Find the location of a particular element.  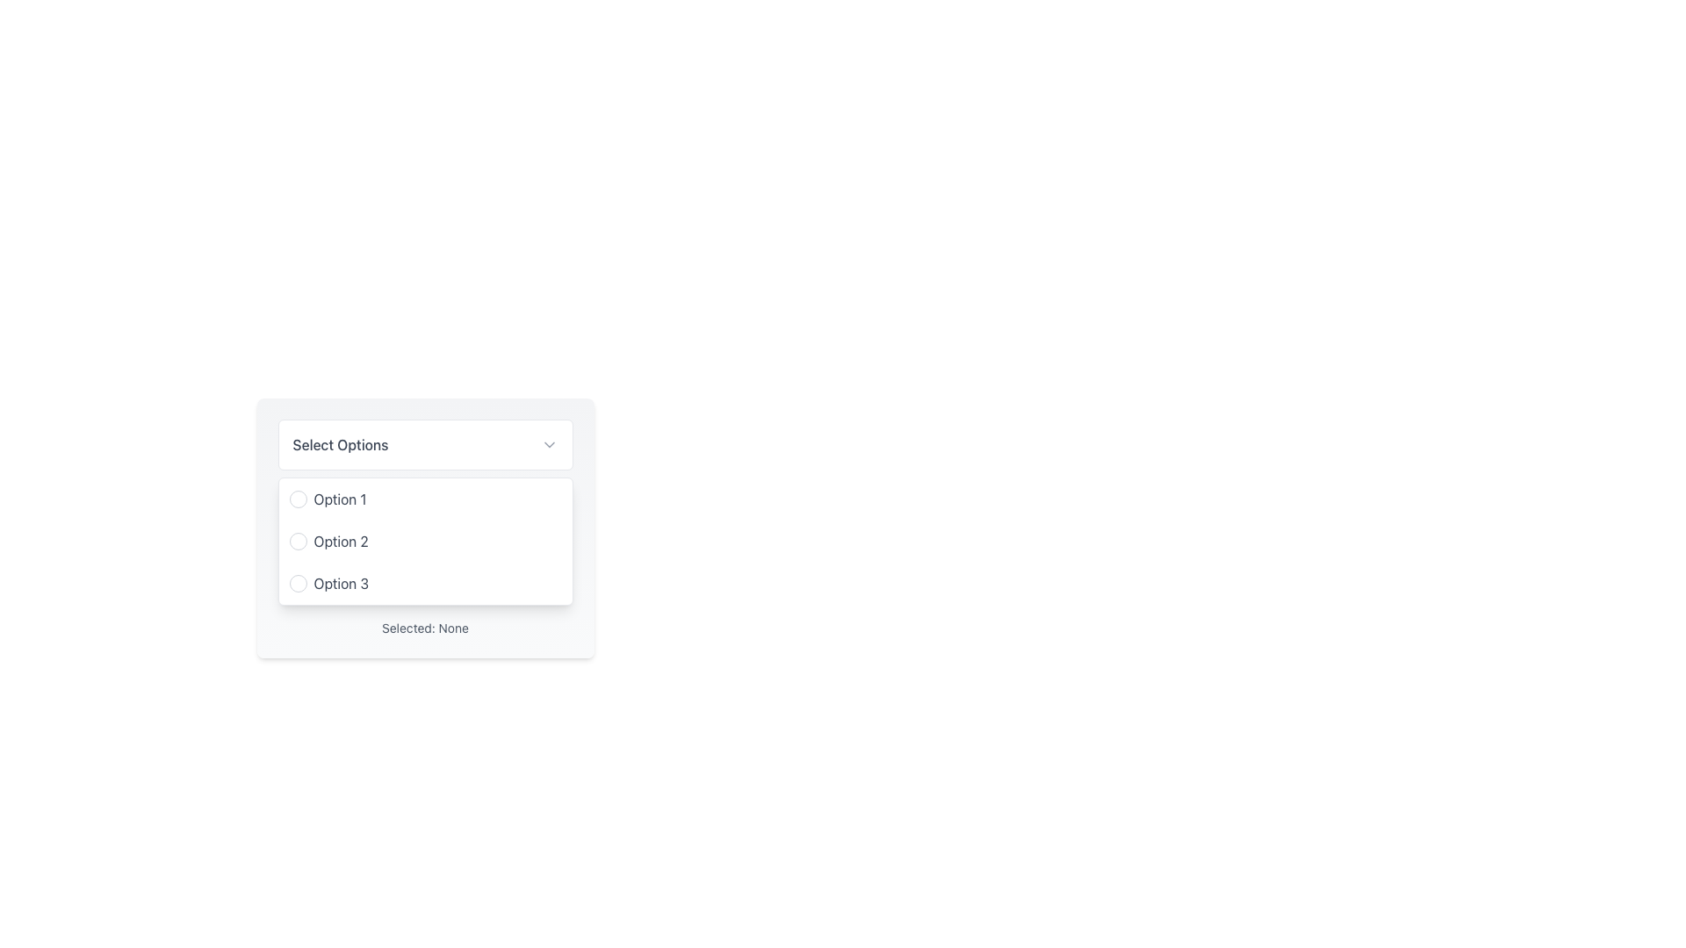

the label for the second selectable option in a vertical list, which is positioned to the right of its corresponding radio button is located at coordinates (341, 541).